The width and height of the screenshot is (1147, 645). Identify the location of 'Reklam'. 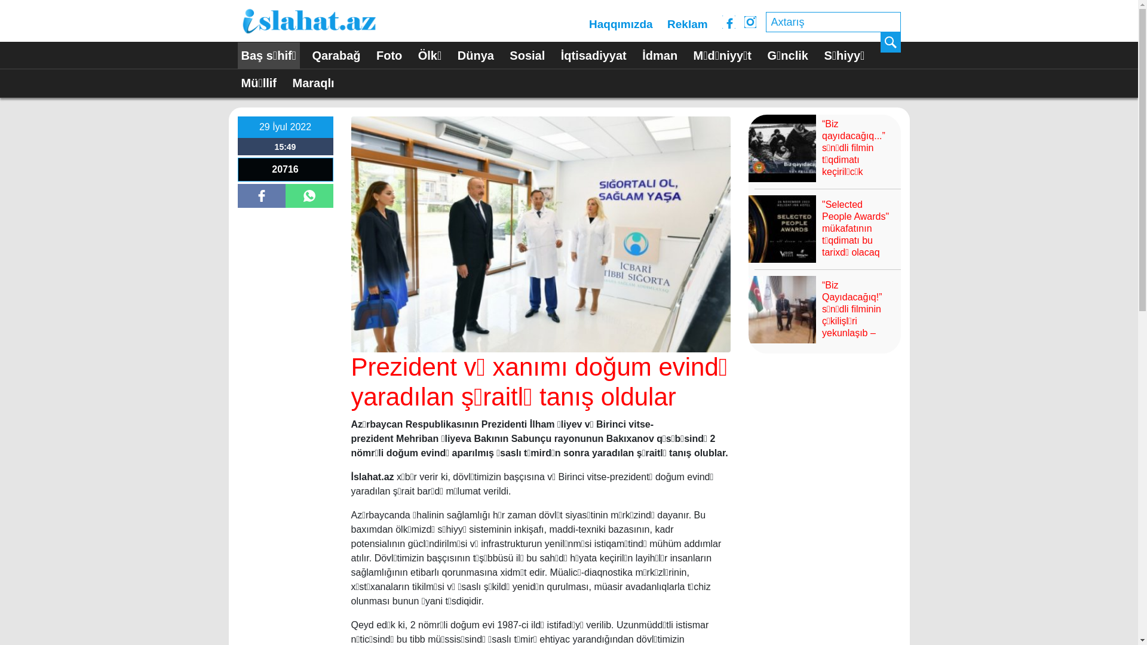
(688, 24).